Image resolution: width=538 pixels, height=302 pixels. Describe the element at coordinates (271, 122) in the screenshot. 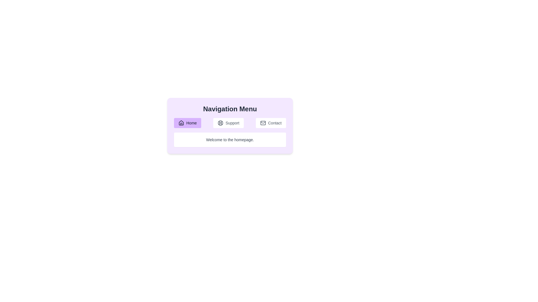

I see `the navigation button that serves as a contact page redirect, positioned to the right of the 'Support' button in the menu` at that location.